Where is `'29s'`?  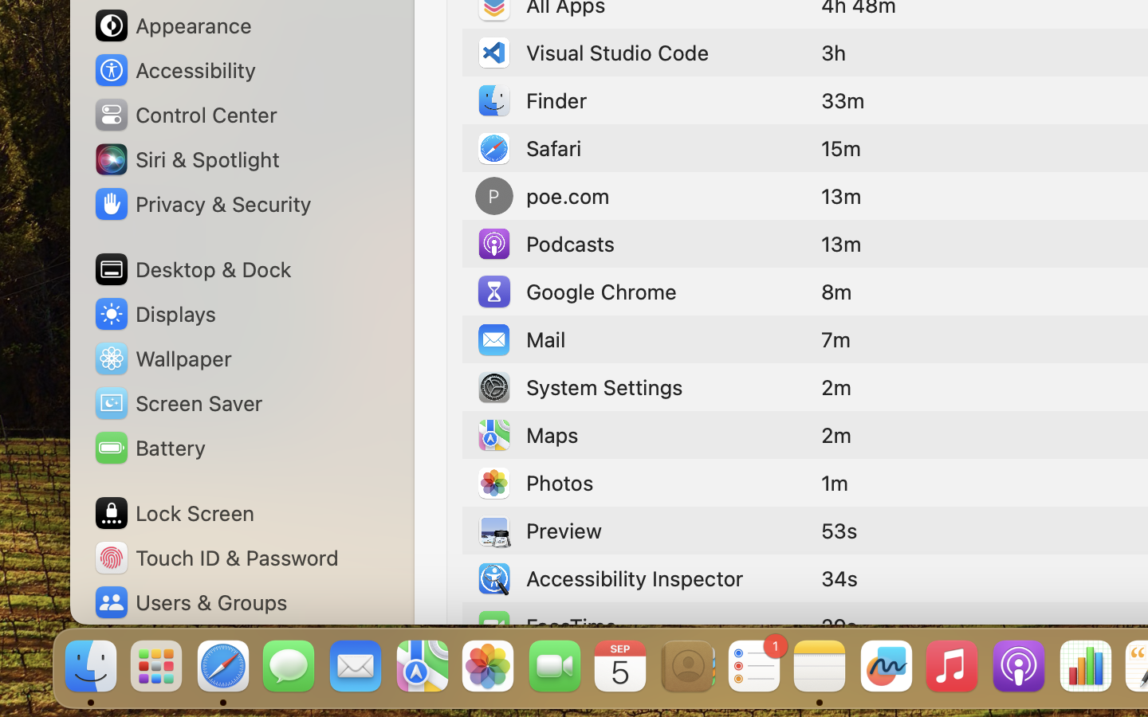
'29s' is located at coordinates (839, 625).